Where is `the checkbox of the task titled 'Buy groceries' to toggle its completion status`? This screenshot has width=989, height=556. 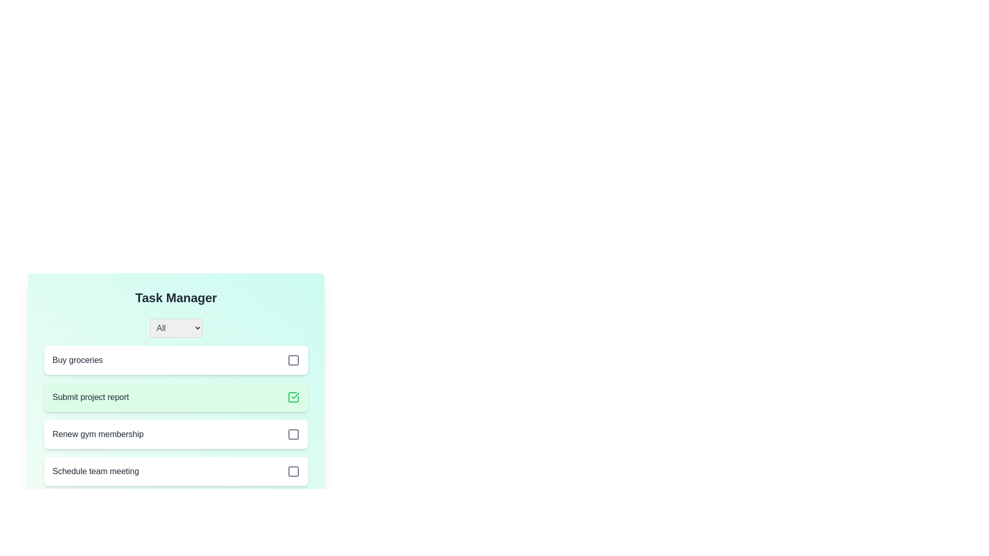
the checkbox of the task titled 'Buy groceries' to toggle its completion status is located at coordinates (293, 359).